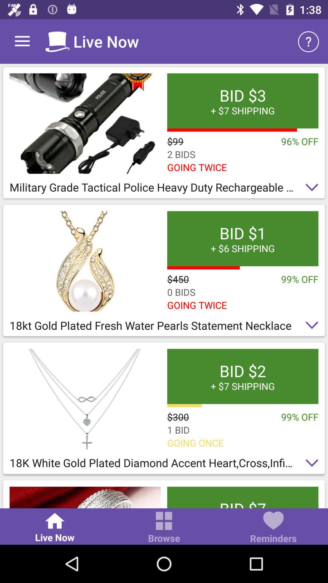 The image size is (328, 583). I want to click on necklace, so click(85, 399).